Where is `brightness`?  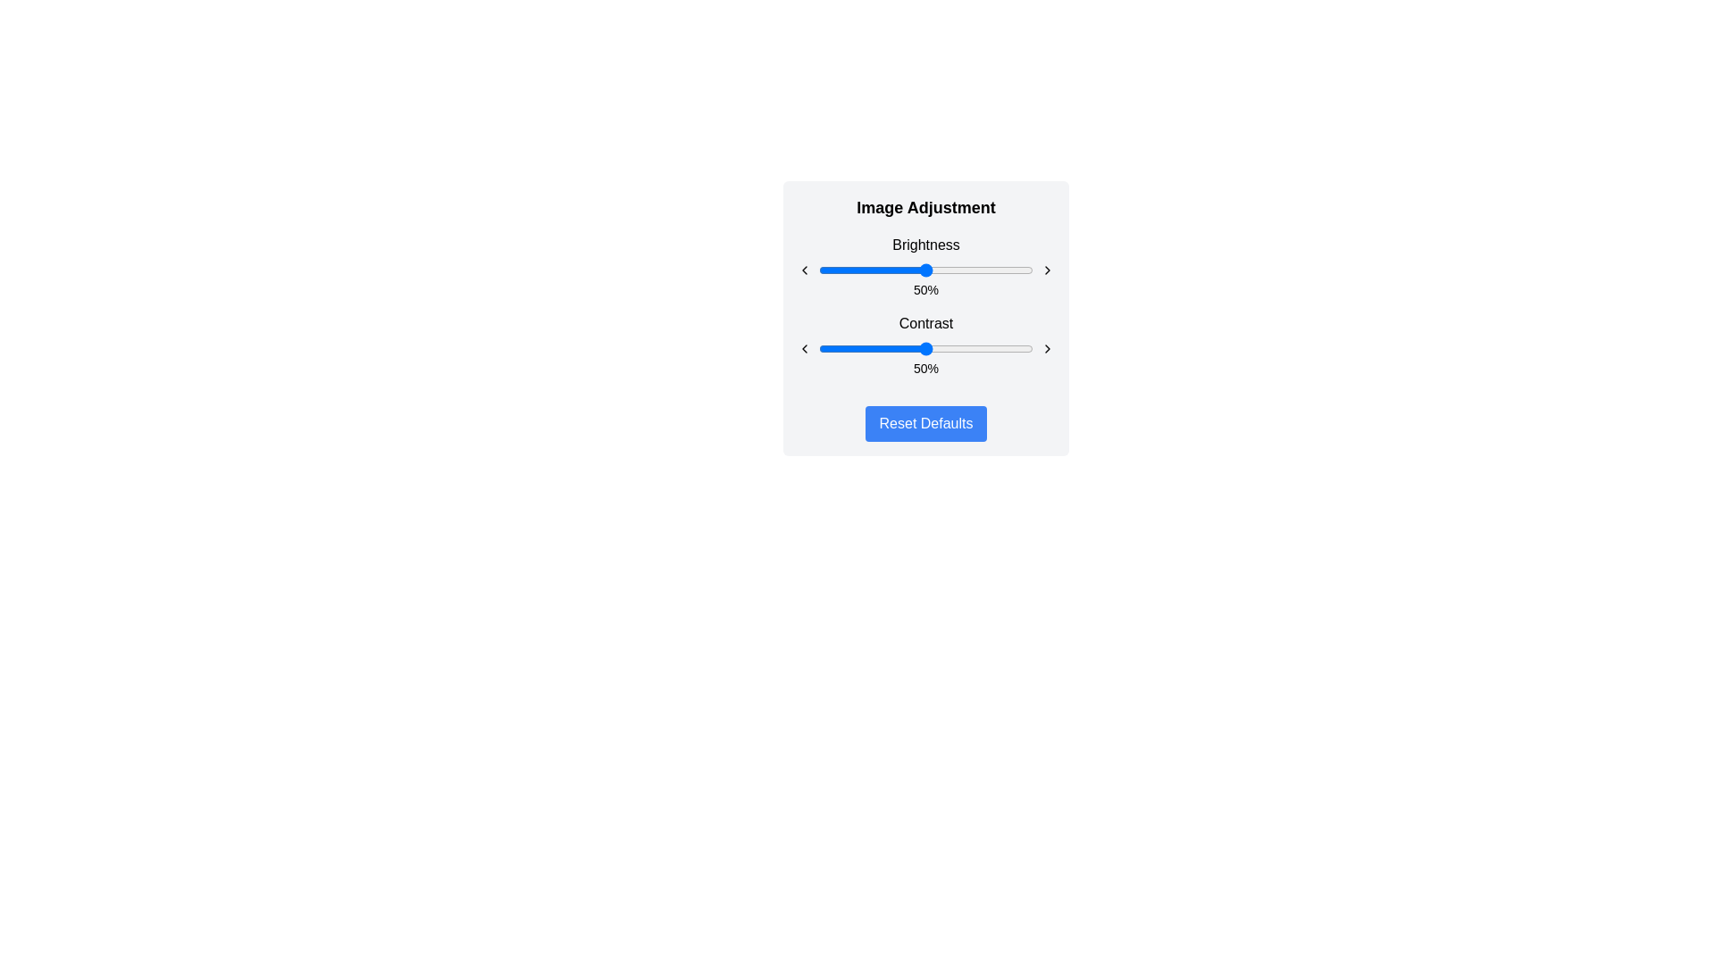
brightness is located at coordinates (874, 270).